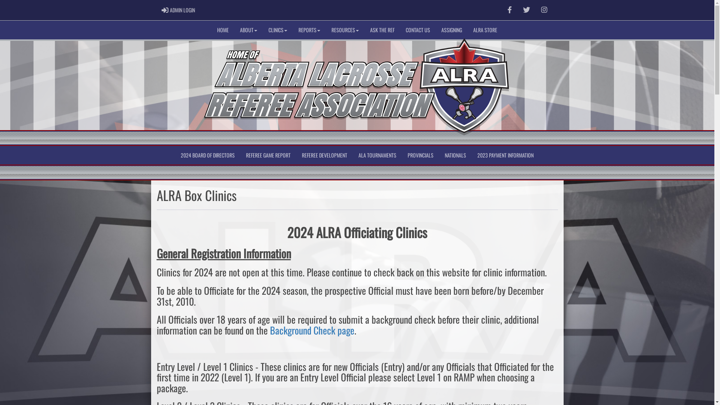 The width and height of the screenshot is (720, 405). What do you see at coordinates (505, 154) in the screenshot?
I see `'2023 PAYMENT INFORMATION'` at bounding box center [505, 154].